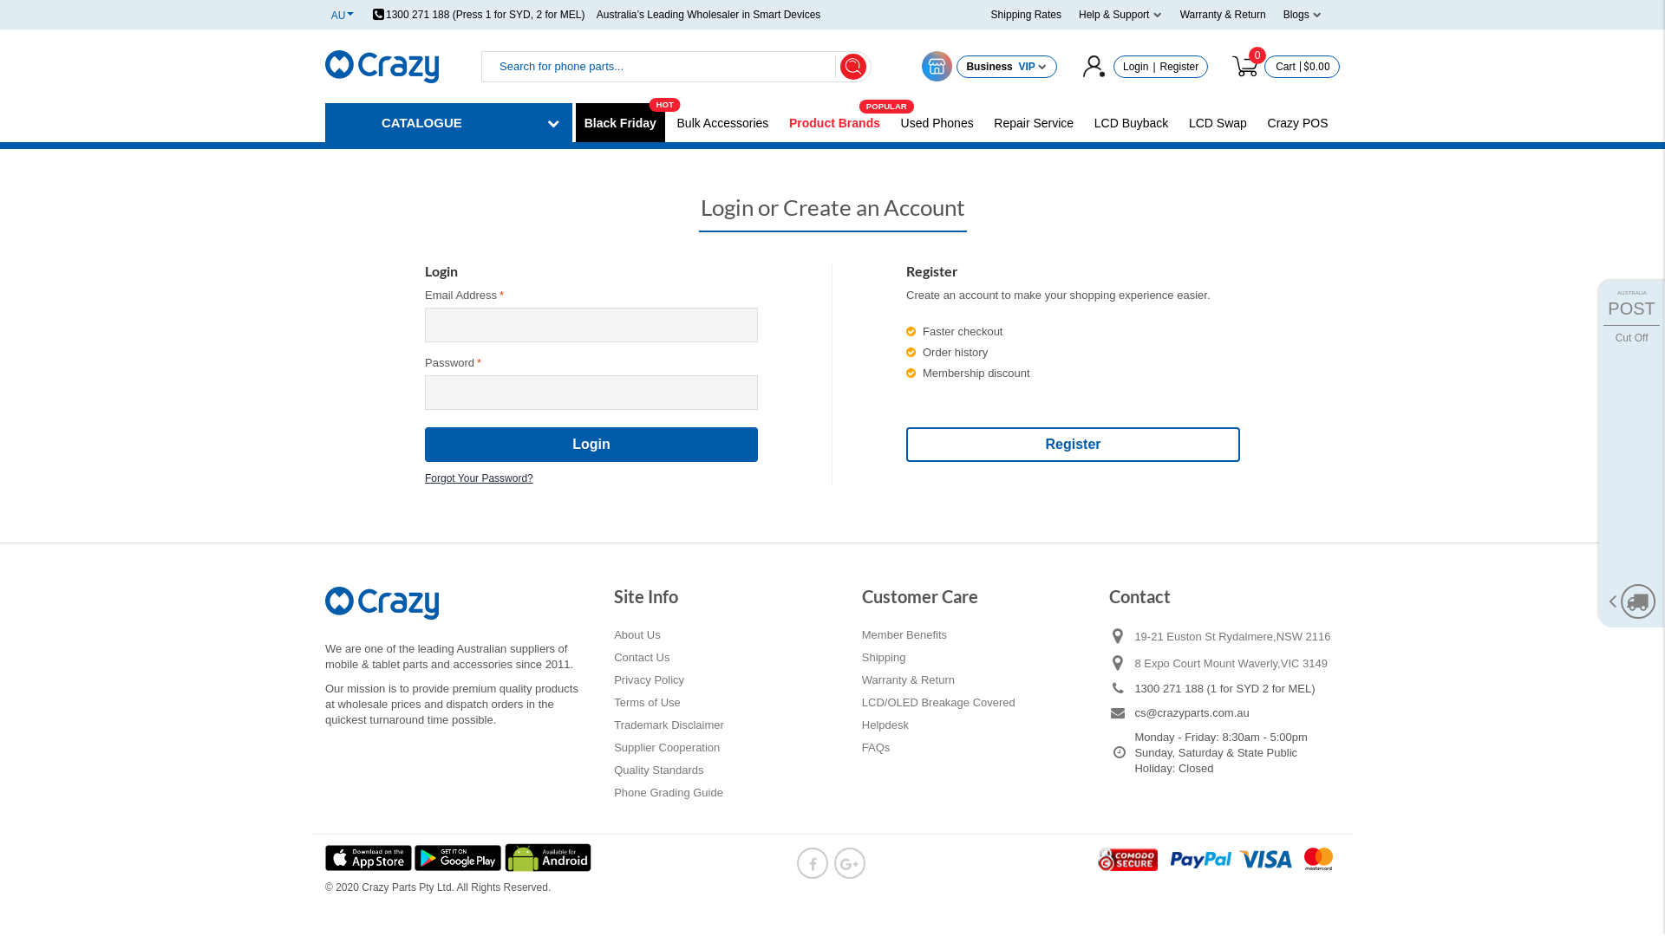  I want to click on 'Privacy Policy', so click(648, 679).